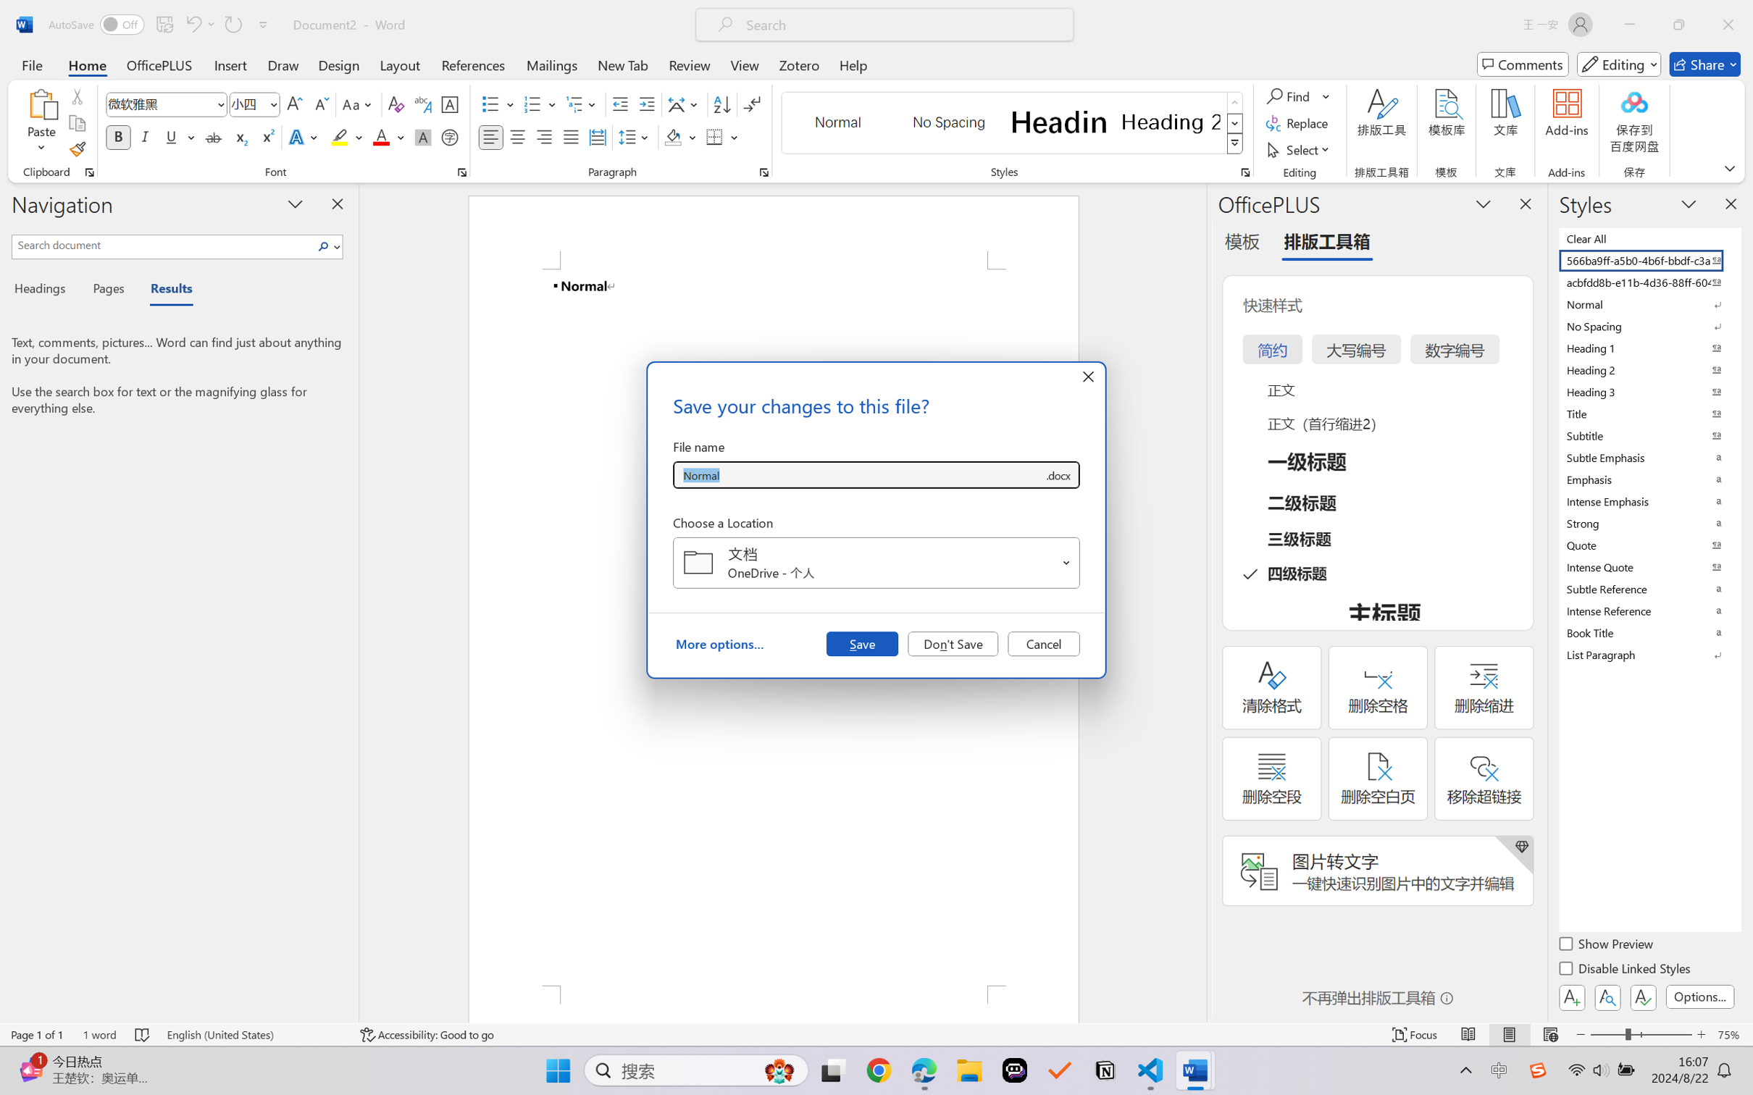  Describe the element at coordinates (1244, 172) in the screenshot. I see `'Styles...'` at that location.